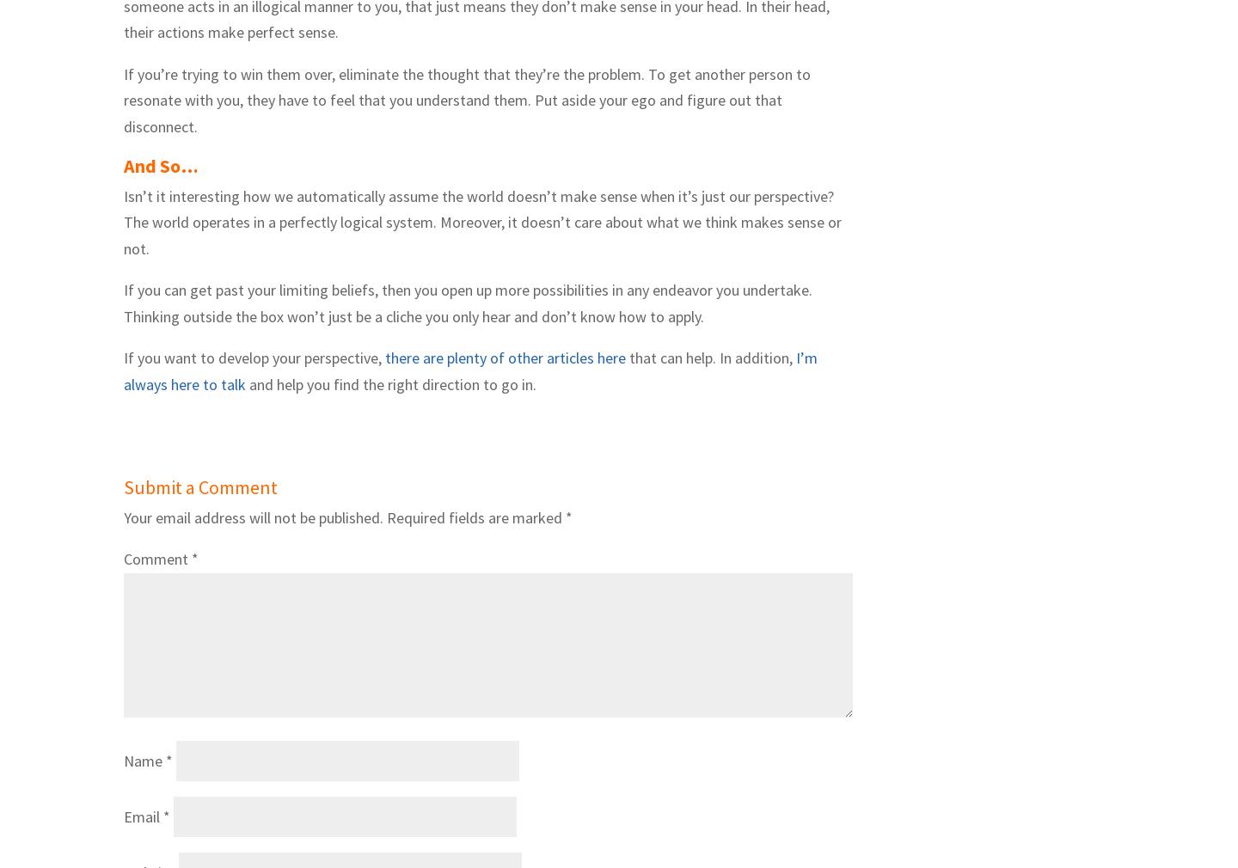 This screenshot has width=1238, height=868. Describe the element at coordinates (144, 761) in the screenshot. I see `'Name'` at that location.